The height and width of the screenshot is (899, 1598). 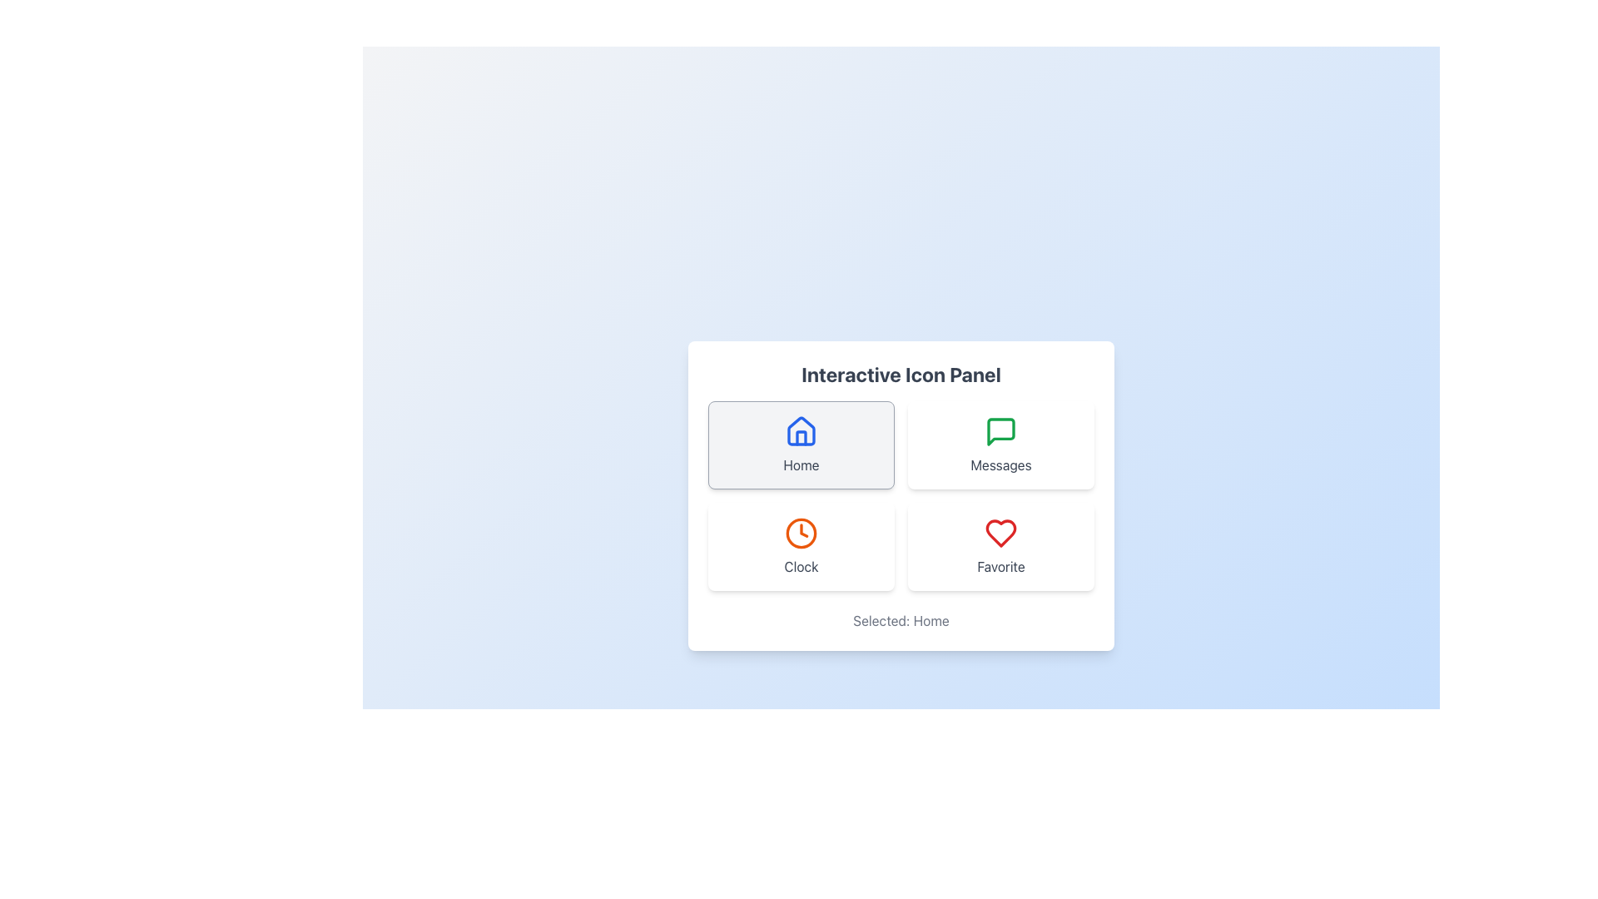 What do you see at coordinates (1000, 445) in the screenshot?
I see `the navigational button located in the top-right quadrant of the grid, which serves as a communication icon` at bounding box center [1000, 445].